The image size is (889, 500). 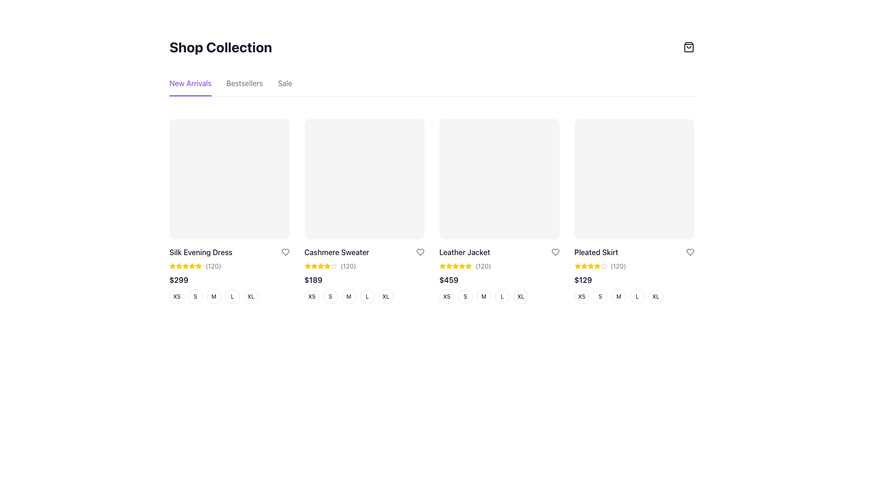 What do you see at coordinates (431, 87) in the screenshot?
I see `the 'New Arrivals' tab in the Tab group` at bounding box center [431, 87].